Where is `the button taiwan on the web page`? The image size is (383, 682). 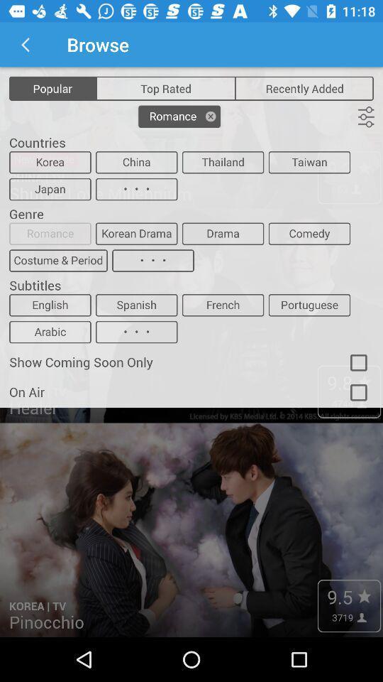
the button taiwan on the web page is located at coordinates (309, 162).